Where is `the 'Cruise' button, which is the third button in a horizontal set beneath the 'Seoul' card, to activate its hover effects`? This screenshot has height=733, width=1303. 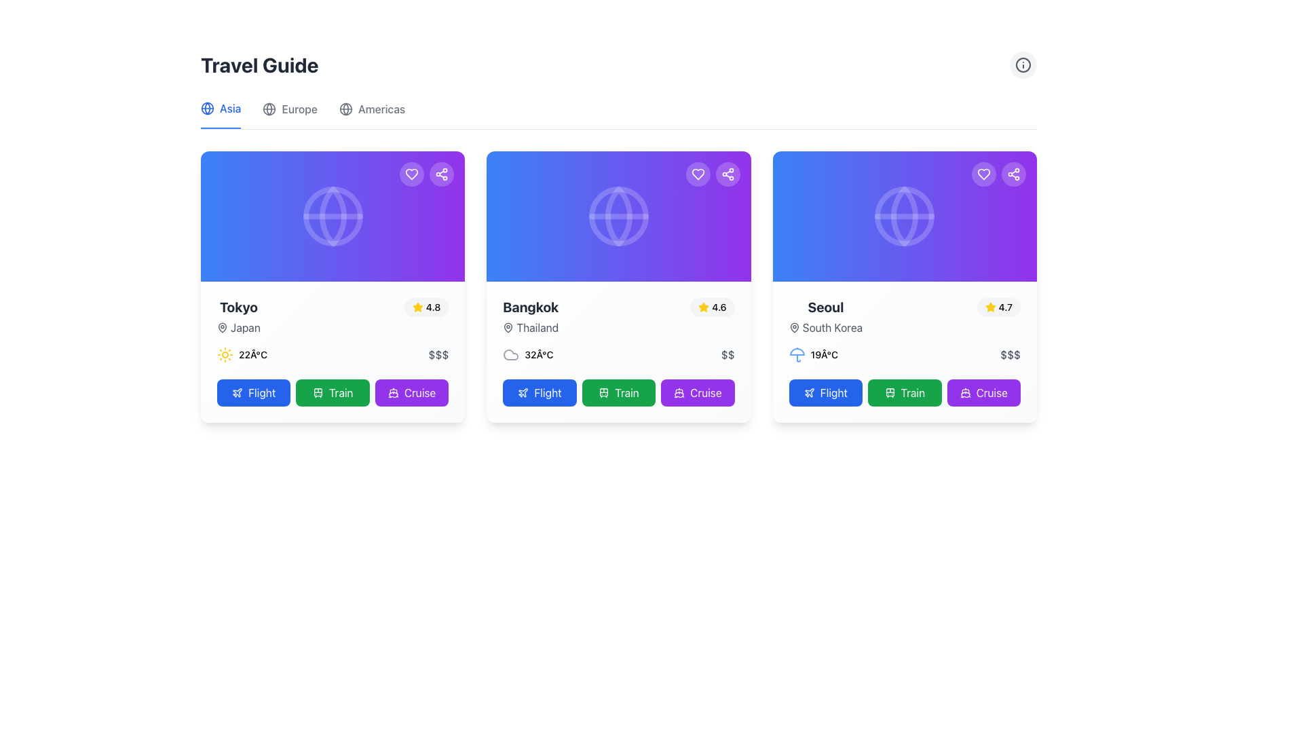 the 'Cruise' button, which is the third button in a horizontal set beneath the 'Seoul' card, to activate its hover effects is located at coordinates (983, 392).